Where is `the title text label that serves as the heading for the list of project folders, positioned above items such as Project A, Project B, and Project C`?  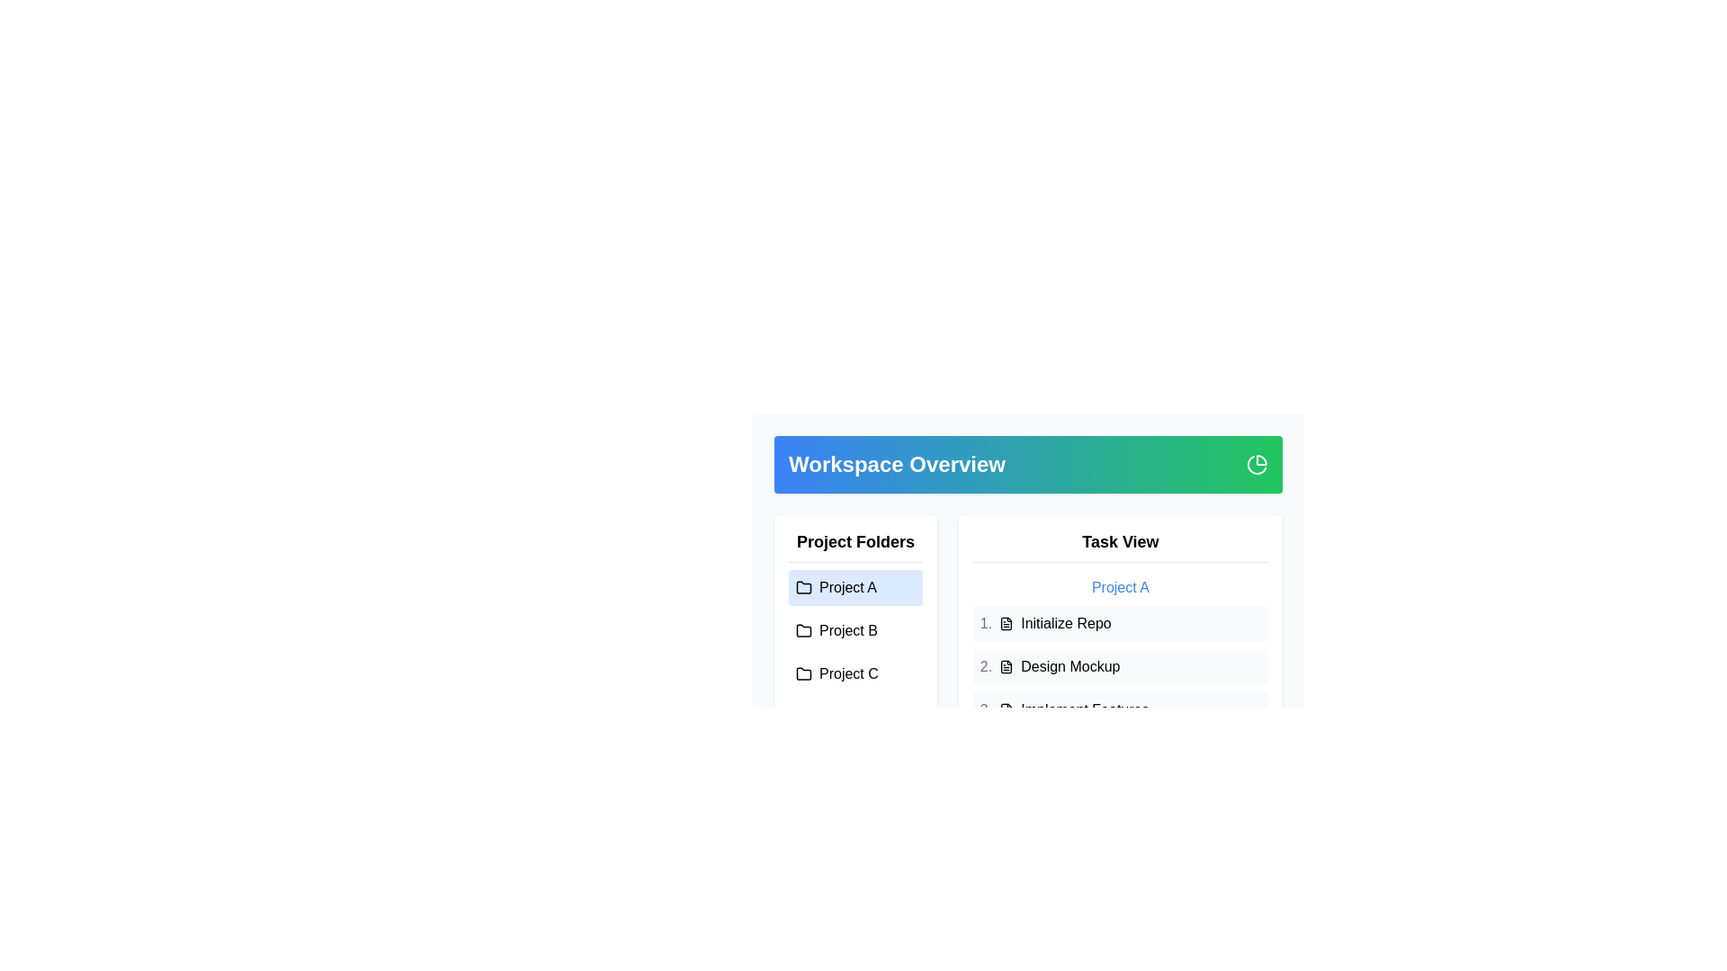
the title text label that serves as the heading for the list of project folders, positioned above items such as Project A, Project B, and Project C is located at coordinates (855, 545).